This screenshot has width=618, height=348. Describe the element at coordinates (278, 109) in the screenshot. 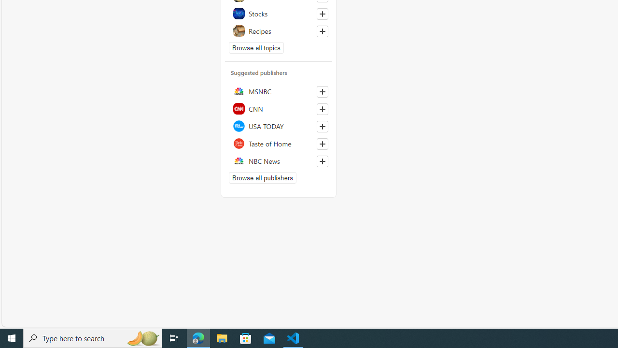

I see `'CNN'` at that location.